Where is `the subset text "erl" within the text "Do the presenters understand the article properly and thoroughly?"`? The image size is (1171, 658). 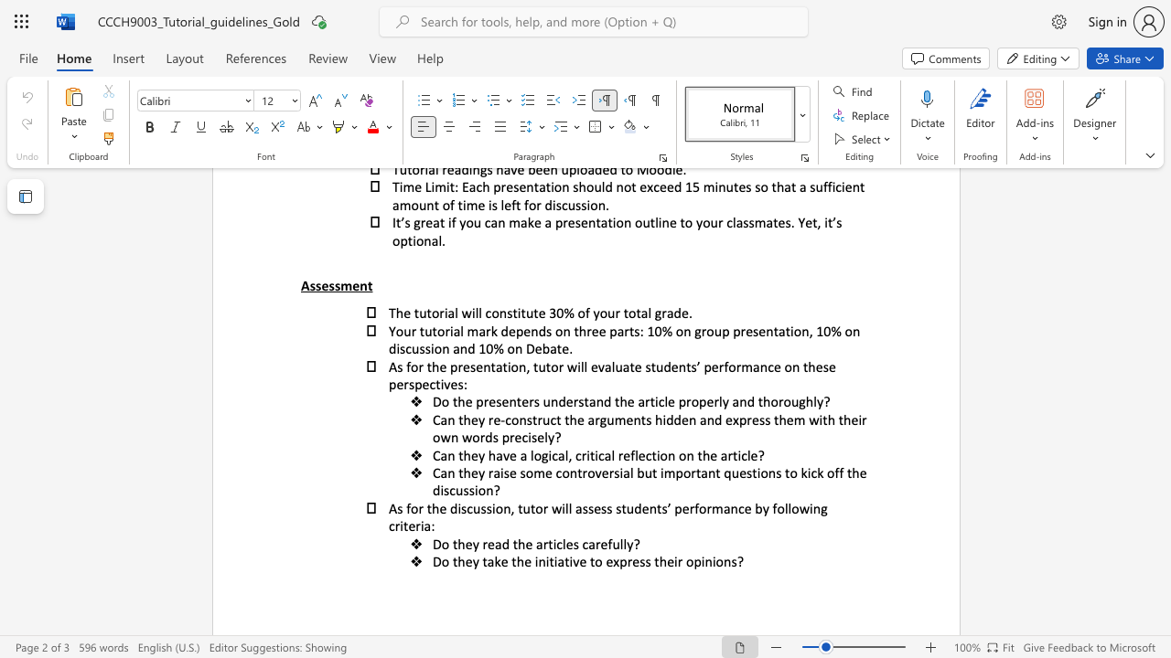
the subset text "erl" within the text "Do the presenters understand the article properly and thoroughly?" is located at coordinates (705, 400).